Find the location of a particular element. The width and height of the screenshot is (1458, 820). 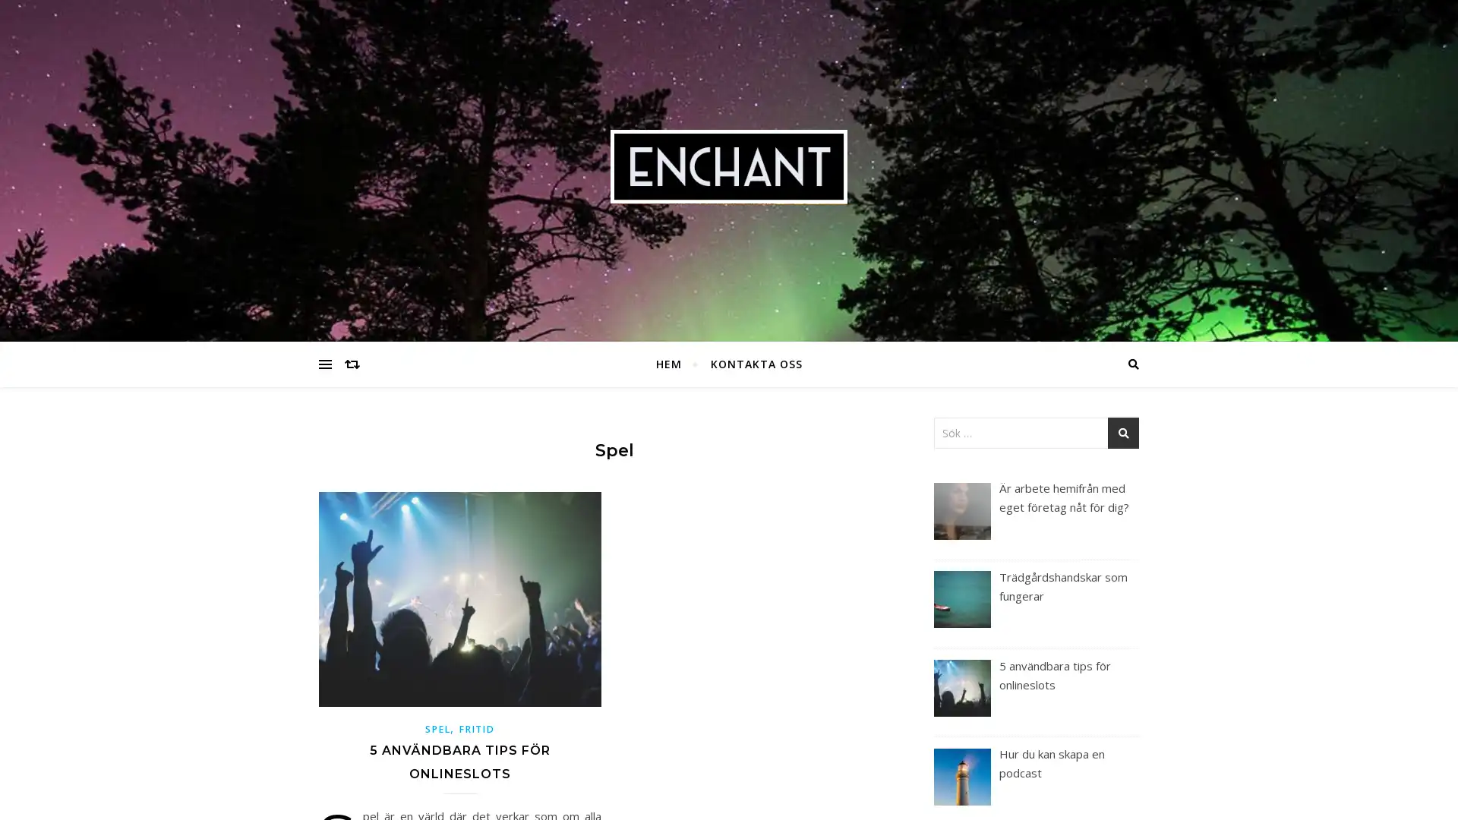

st is located at coordinates (1123, 433).